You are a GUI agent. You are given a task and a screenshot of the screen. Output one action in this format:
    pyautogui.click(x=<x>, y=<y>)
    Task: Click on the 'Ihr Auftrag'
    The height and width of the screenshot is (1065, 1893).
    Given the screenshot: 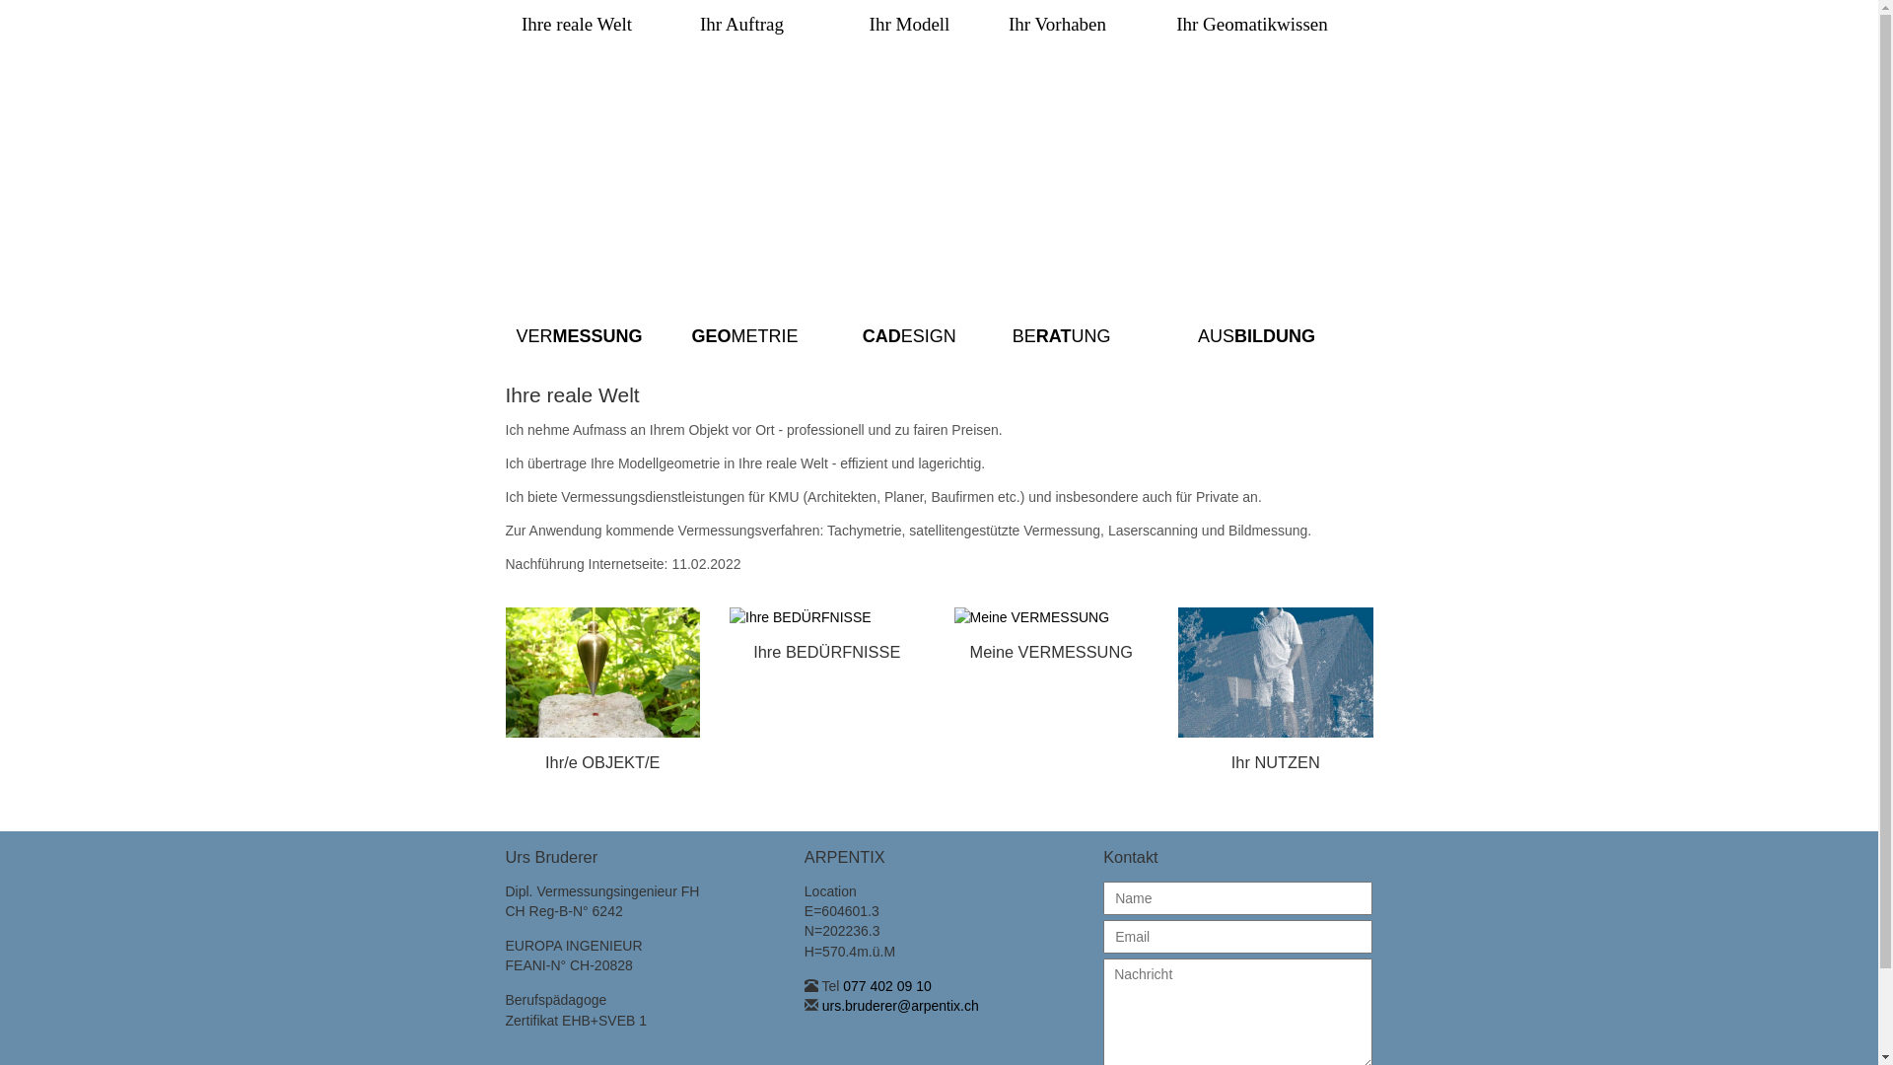 What is the action you would take?
    pyautogui.click(x=741, y=24)
    